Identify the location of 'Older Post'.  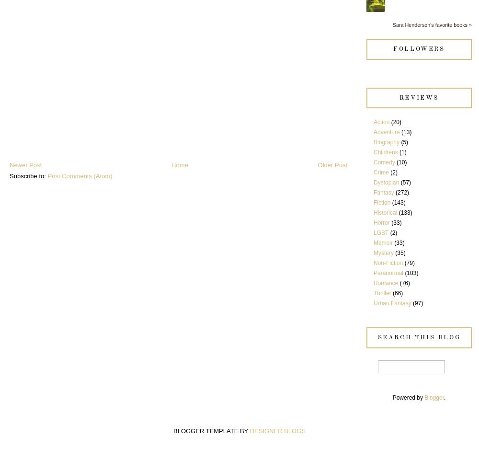
(332, 164).